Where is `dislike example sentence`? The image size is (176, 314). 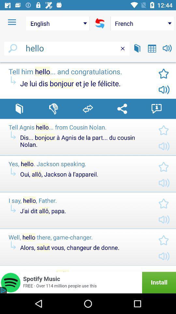 dislike example sentence is located at coordinates (53, 109).